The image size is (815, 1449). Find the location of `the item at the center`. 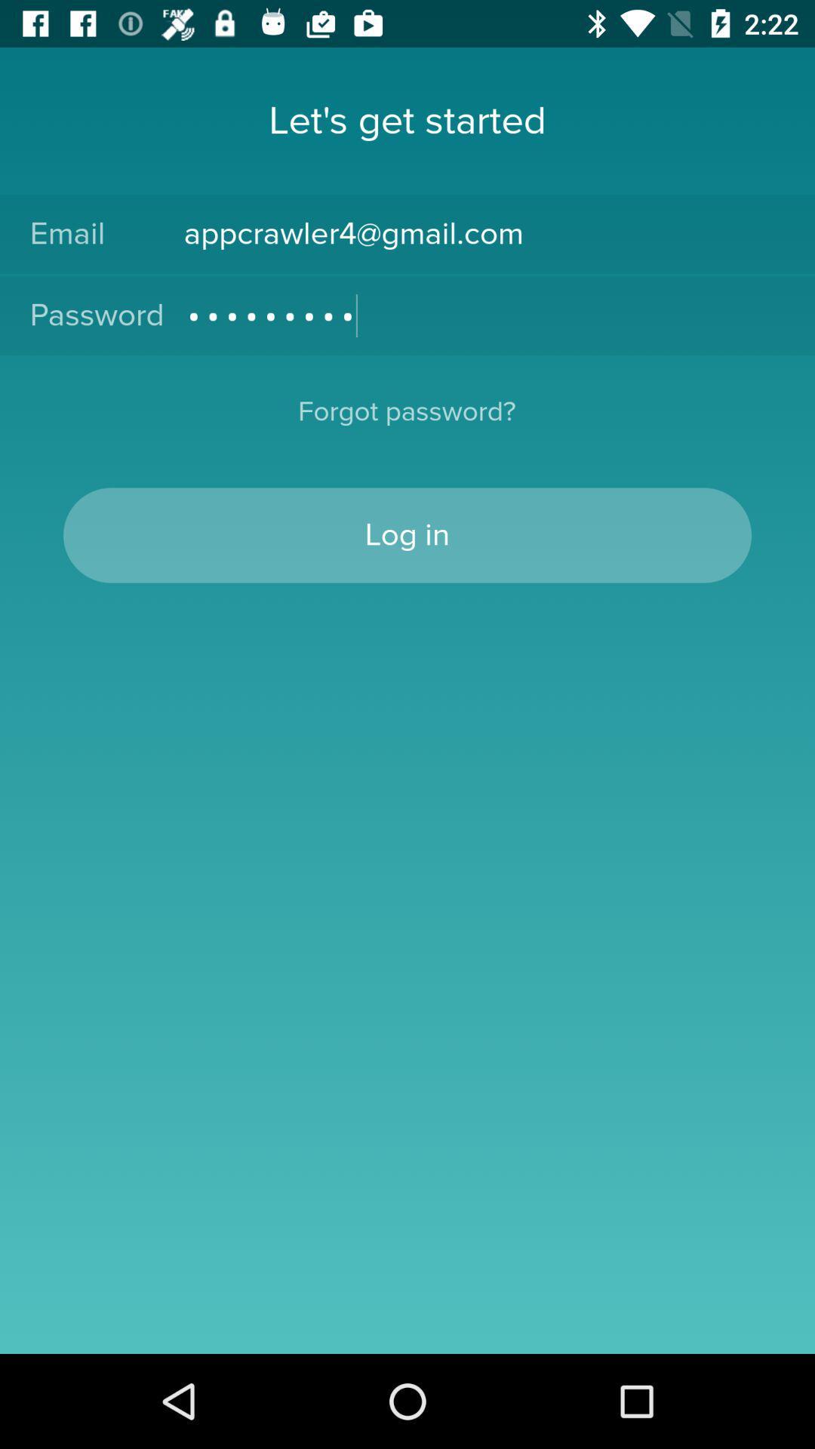

the item at the center is located at coordinates (407, 535).